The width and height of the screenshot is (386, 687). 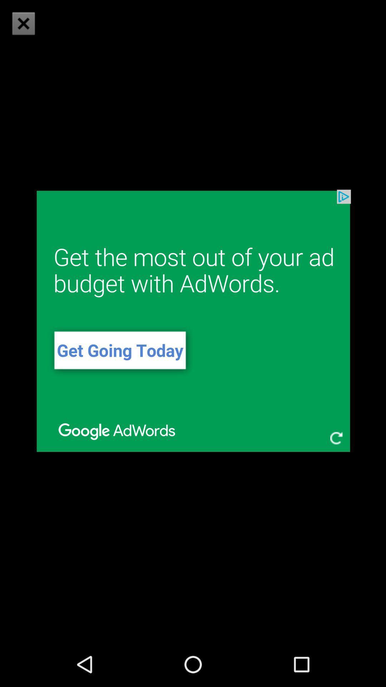 What do you see at coordinates (23, 25) in the screenshot?
I see `the close icon` at bounding box center [23, 25].